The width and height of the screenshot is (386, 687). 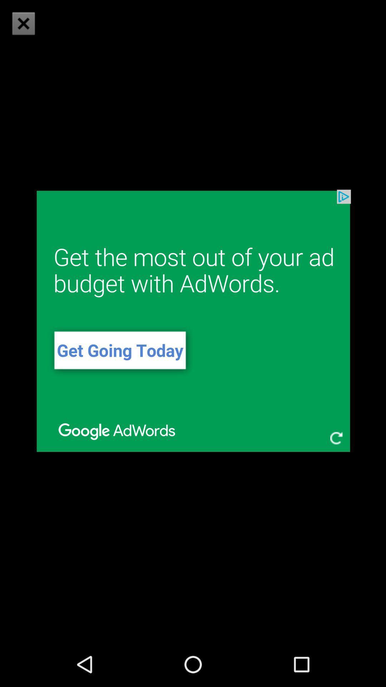 What do you see at coordinates (23, 25) in the screenshot?
I see `the close icon` at bounding box center [23, 25].